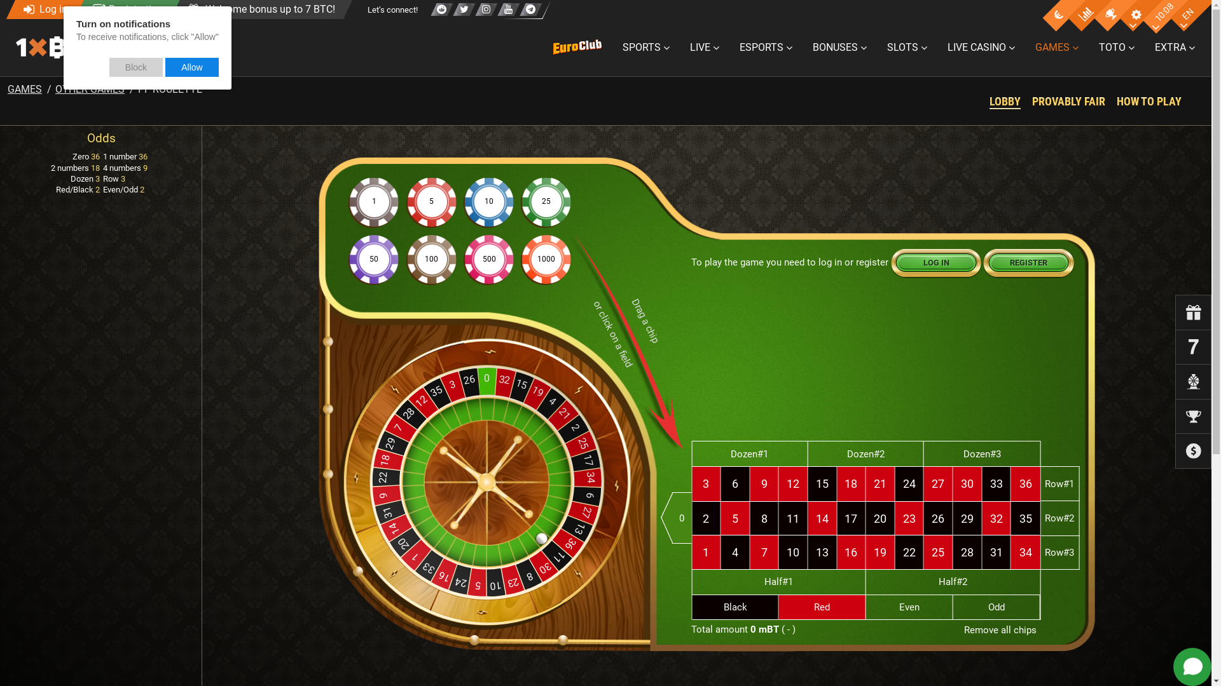  What do you see at coordinates (1174, 46) in the screenshot?
I see `'EXTRA'` at bounding box center [1174, 46].